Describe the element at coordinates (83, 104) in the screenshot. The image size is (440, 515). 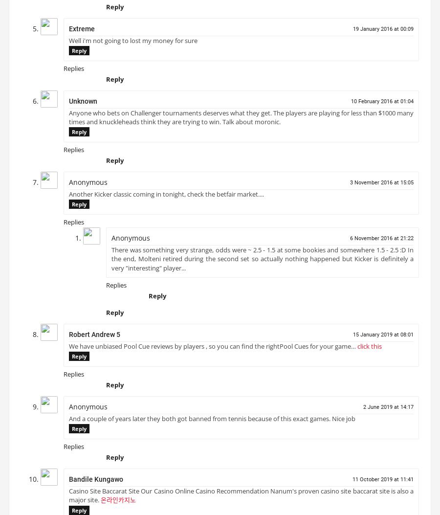
I see `'Unknown'` at that location.